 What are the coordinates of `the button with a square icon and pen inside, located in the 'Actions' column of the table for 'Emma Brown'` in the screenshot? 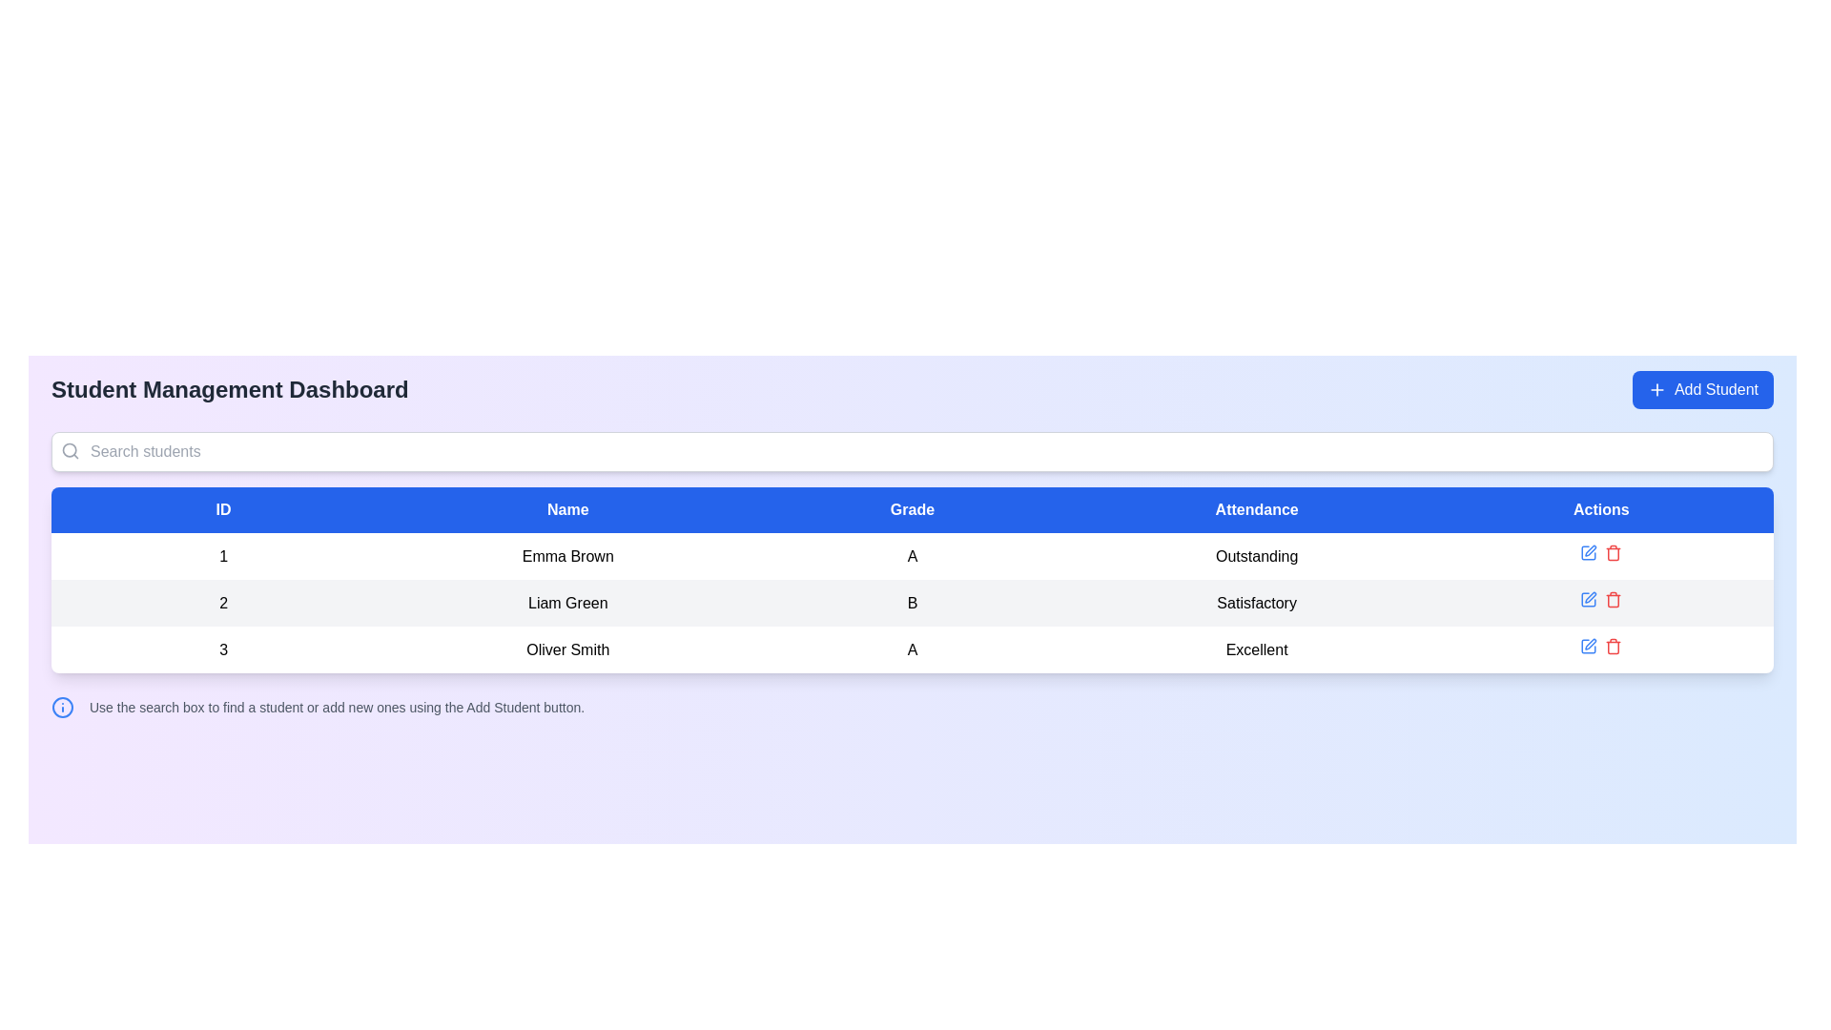 It's located at (1589, 552).